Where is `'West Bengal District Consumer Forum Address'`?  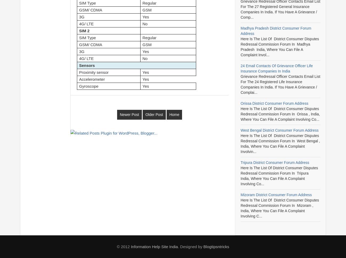 'West Bengal District Consumer Forum Address' is located at coordinates (279, 130).